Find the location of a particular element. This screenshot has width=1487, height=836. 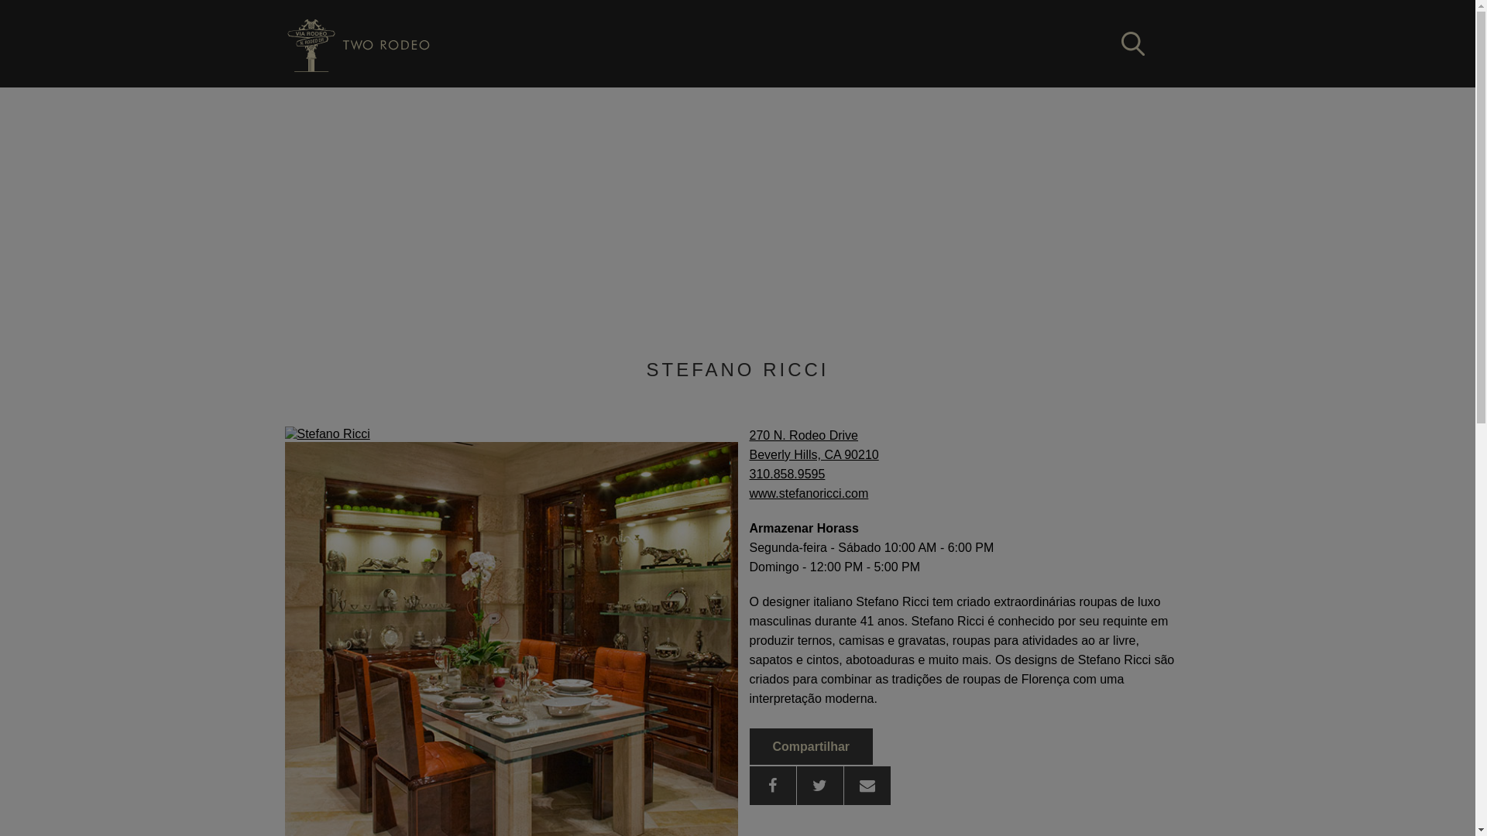

'www.stefanoricci.com' is located at coordinates (809, 493).